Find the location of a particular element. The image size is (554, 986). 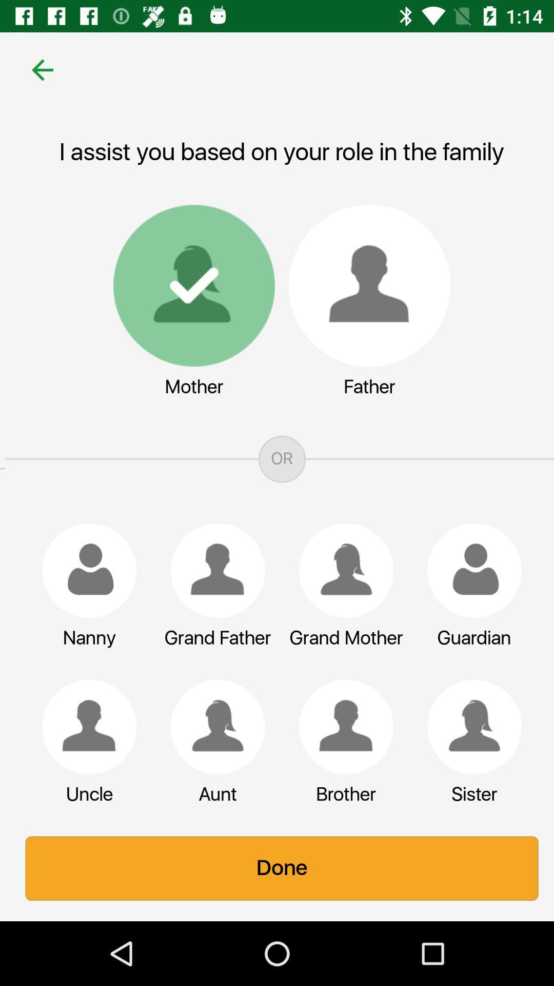

save mother contact is located at coordinates (189, 286).